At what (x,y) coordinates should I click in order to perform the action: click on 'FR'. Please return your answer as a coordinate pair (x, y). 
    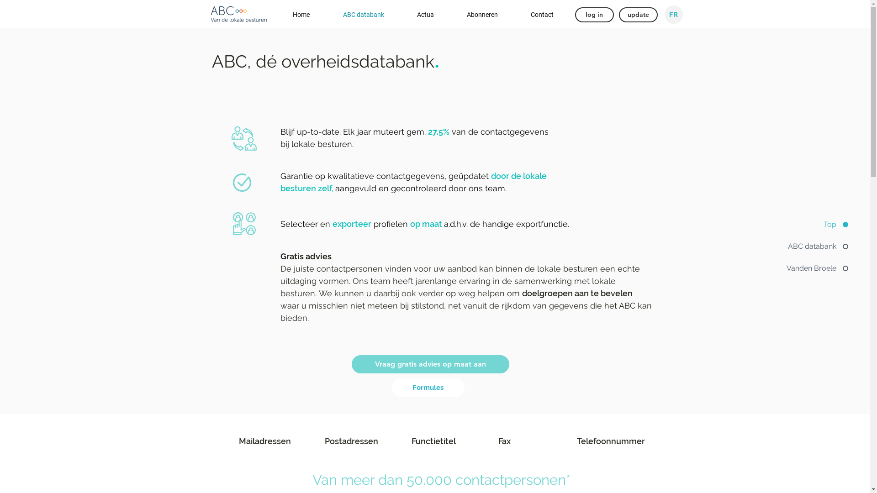
    Looking at the image, I should click on (673, 14).